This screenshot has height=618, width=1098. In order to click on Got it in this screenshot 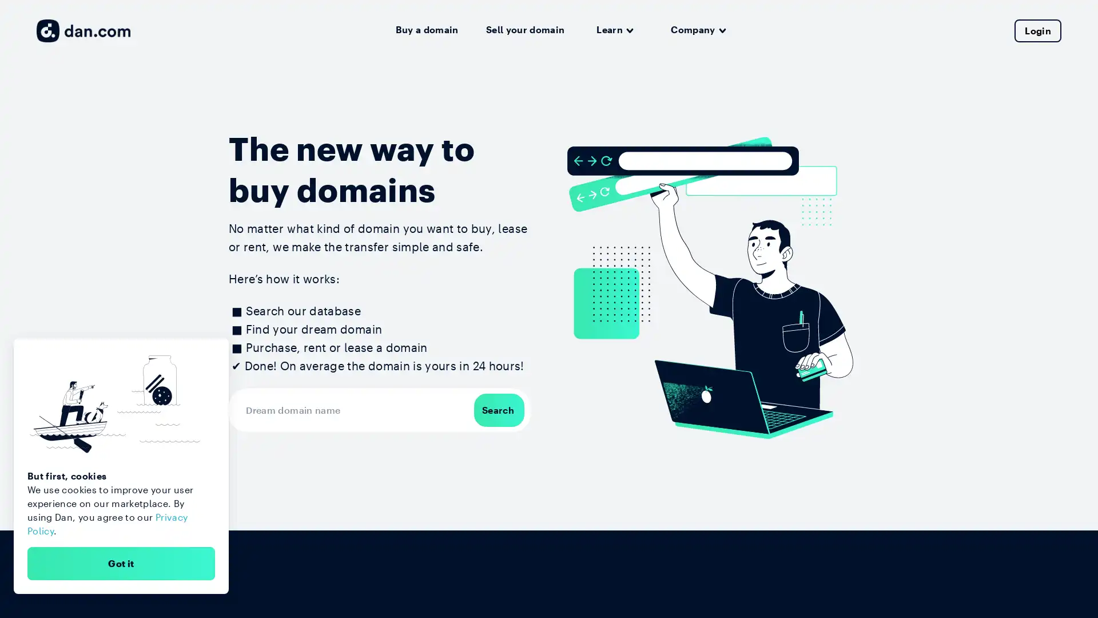, I will do `click(121, 562)`.